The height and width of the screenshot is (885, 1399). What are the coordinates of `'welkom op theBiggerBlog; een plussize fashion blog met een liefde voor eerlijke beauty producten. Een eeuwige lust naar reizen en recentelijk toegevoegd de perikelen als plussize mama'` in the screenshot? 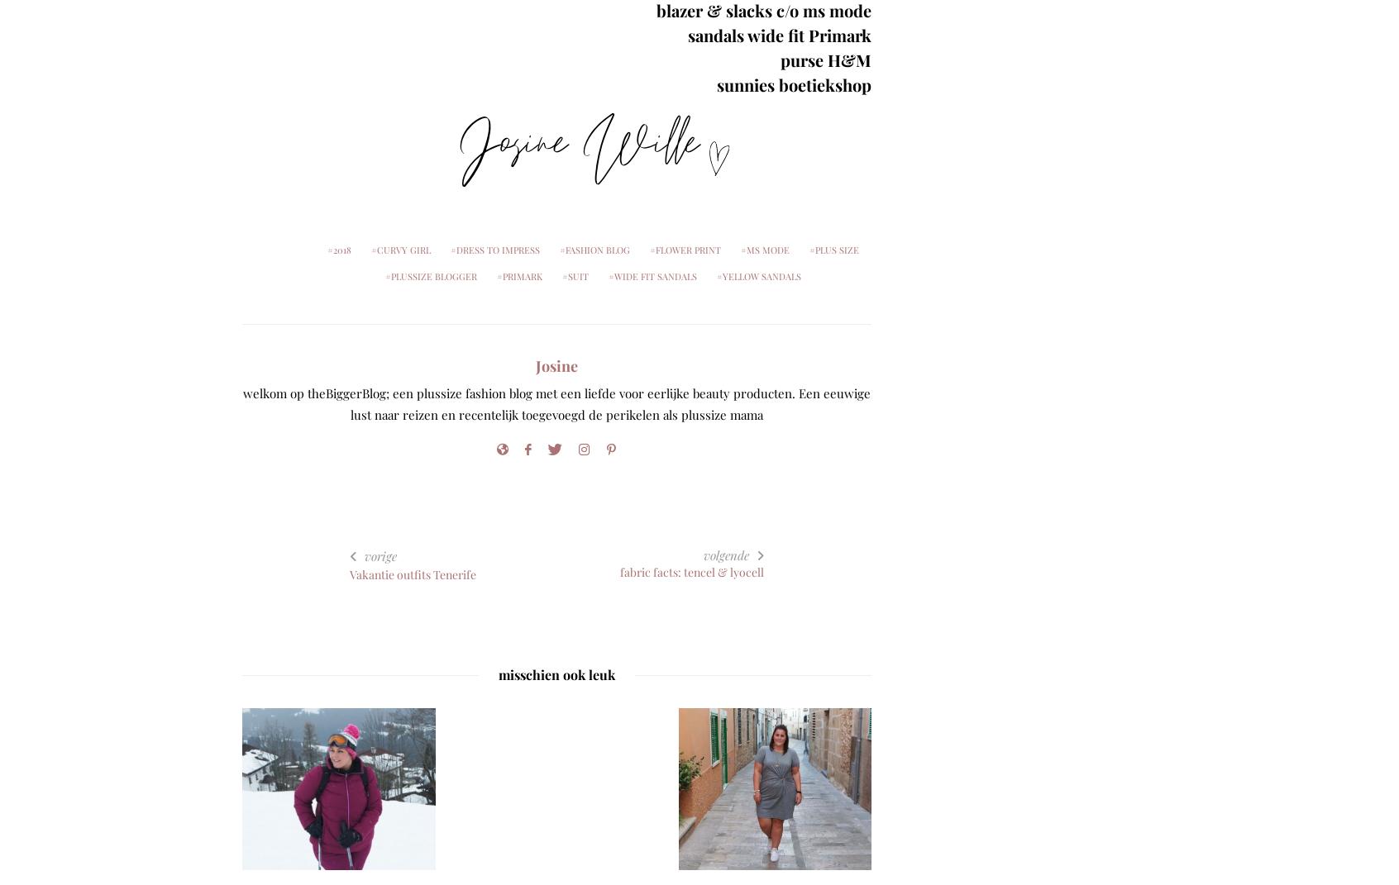 It's located at (241, 403).